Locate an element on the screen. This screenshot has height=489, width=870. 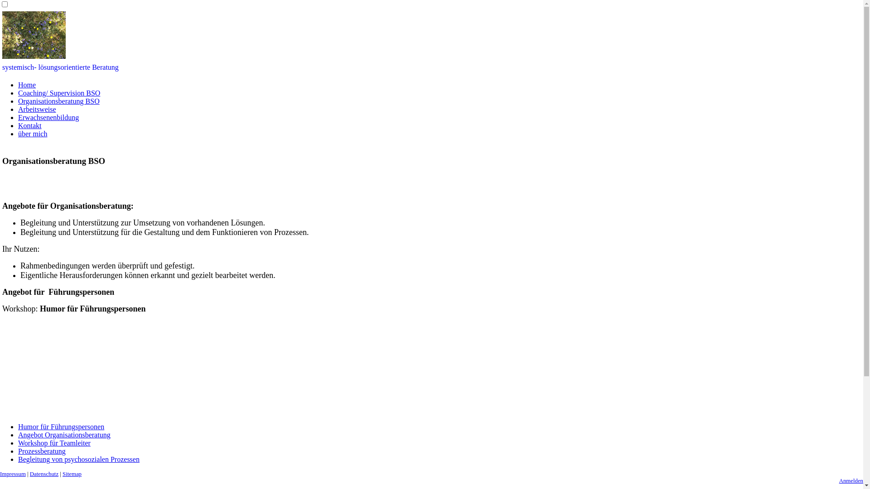
'Anmelden' is located at coordinates (851, 480).